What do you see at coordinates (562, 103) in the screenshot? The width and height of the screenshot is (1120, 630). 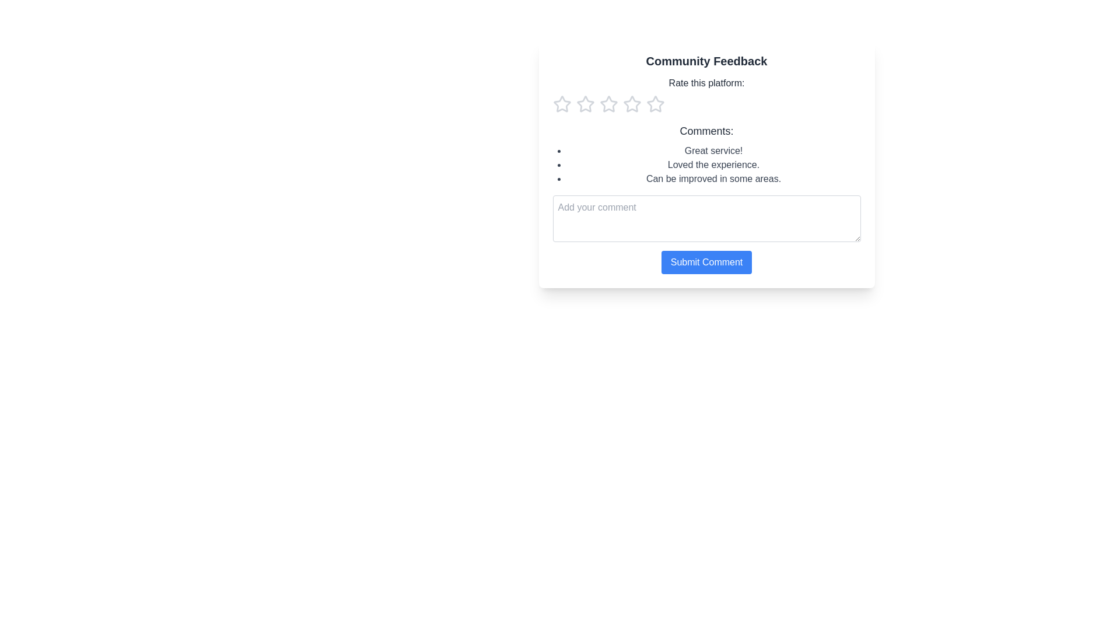 I see `the first star in the rating component` at bounding box center [562, 103].